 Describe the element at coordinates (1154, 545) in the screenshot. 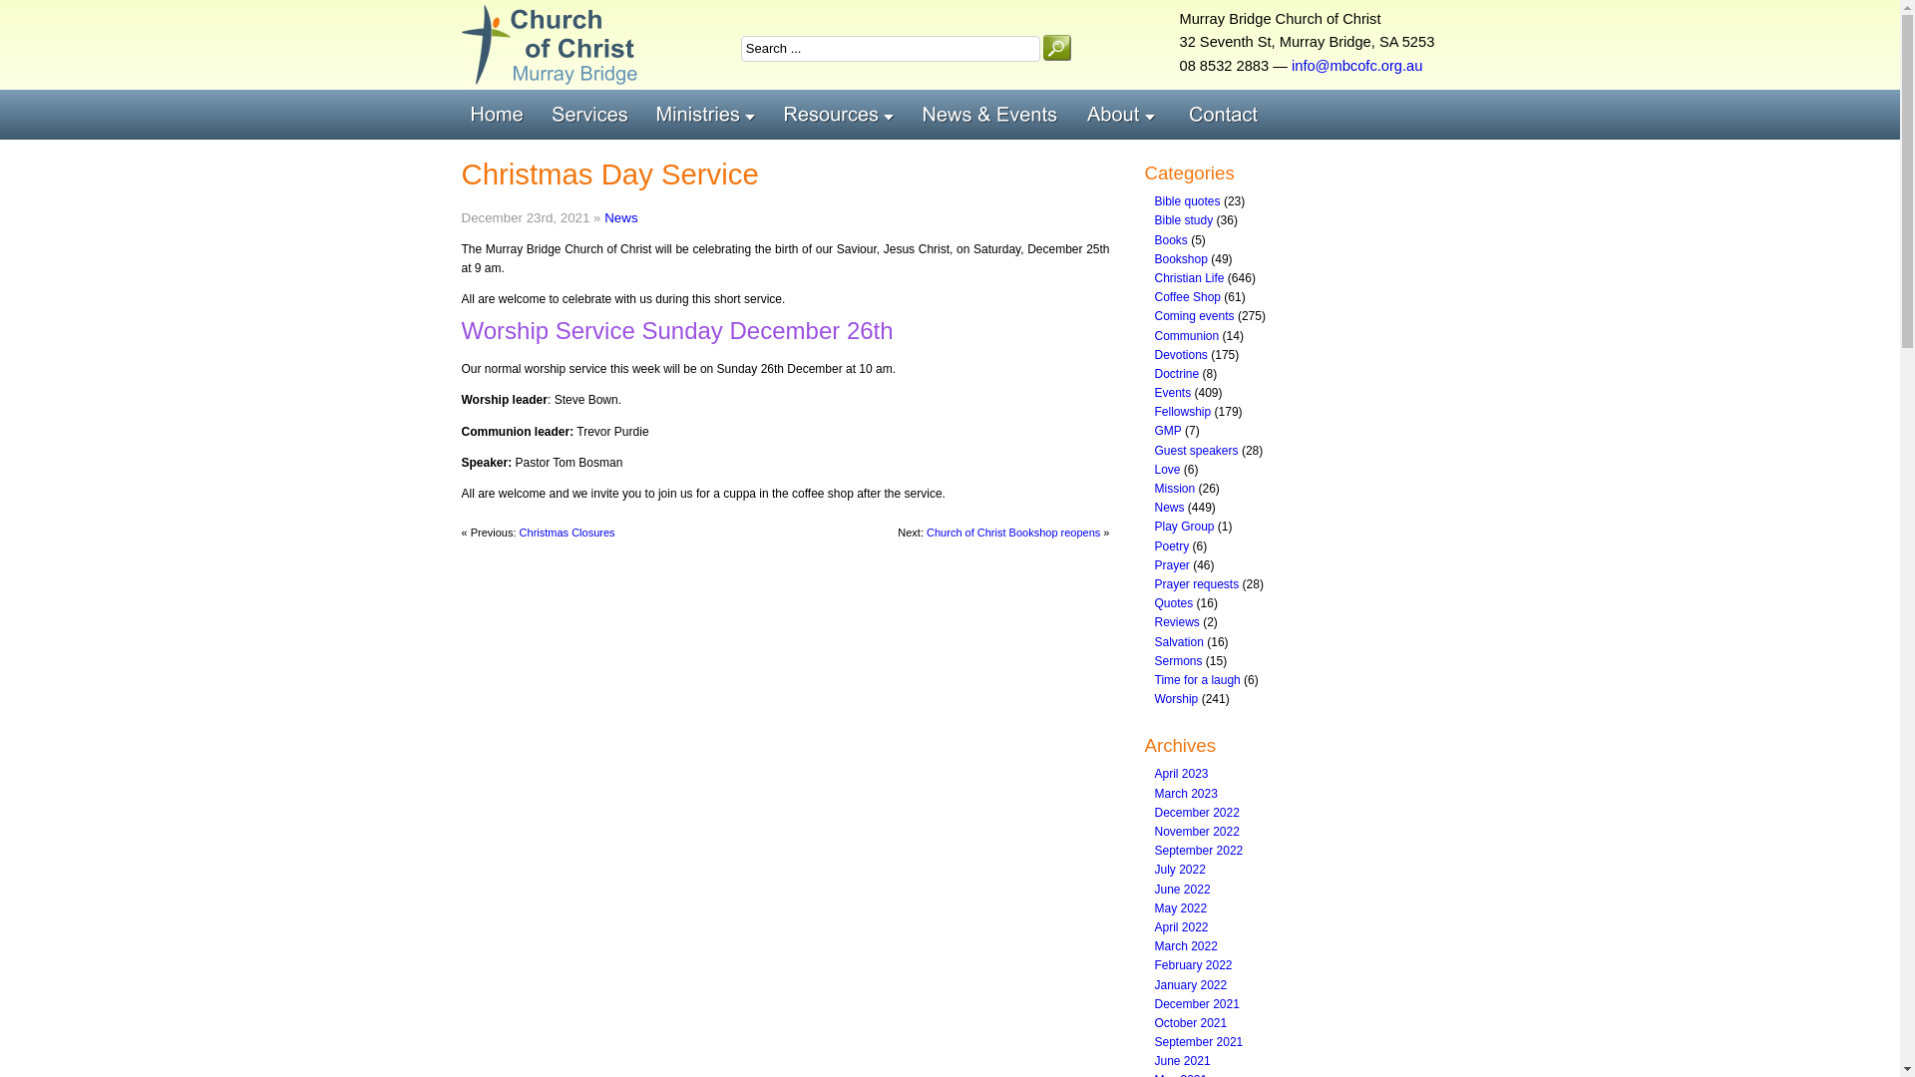

I see `'Poetry'` at that location.